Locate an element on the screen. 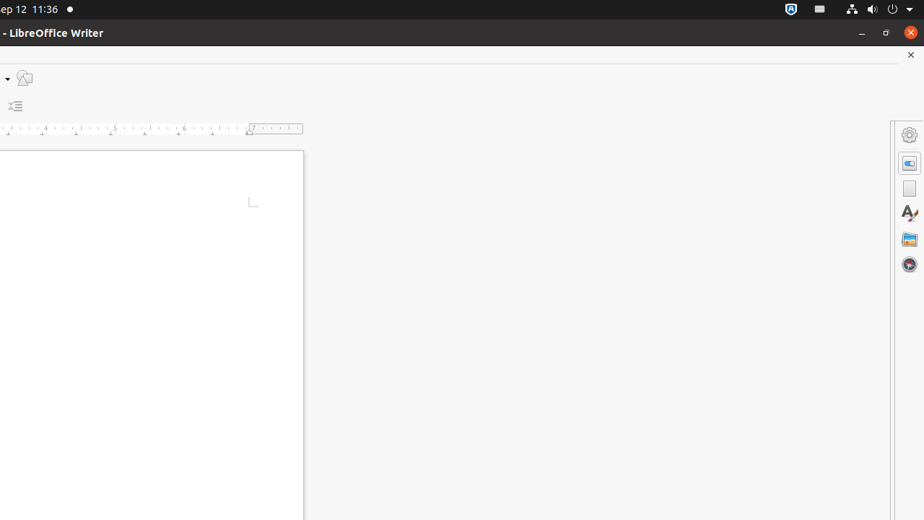 The image size is (924, 520). 'System' is located at coordinates (879, 9).